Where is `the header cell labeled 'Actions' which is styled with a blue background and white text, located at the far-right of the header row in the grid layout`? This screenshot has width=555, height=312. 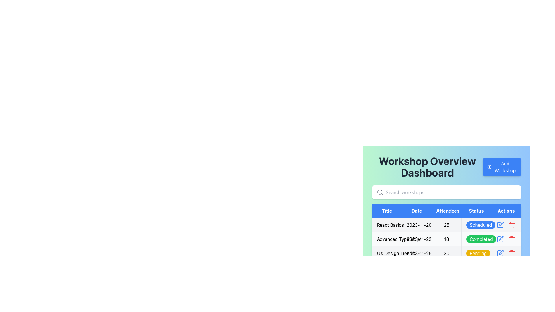
the header cell labeled 'Actions' which is styled with a blue background and white text, located at the far-right of the header row in the grid layout is located at coordinates (506, 211).